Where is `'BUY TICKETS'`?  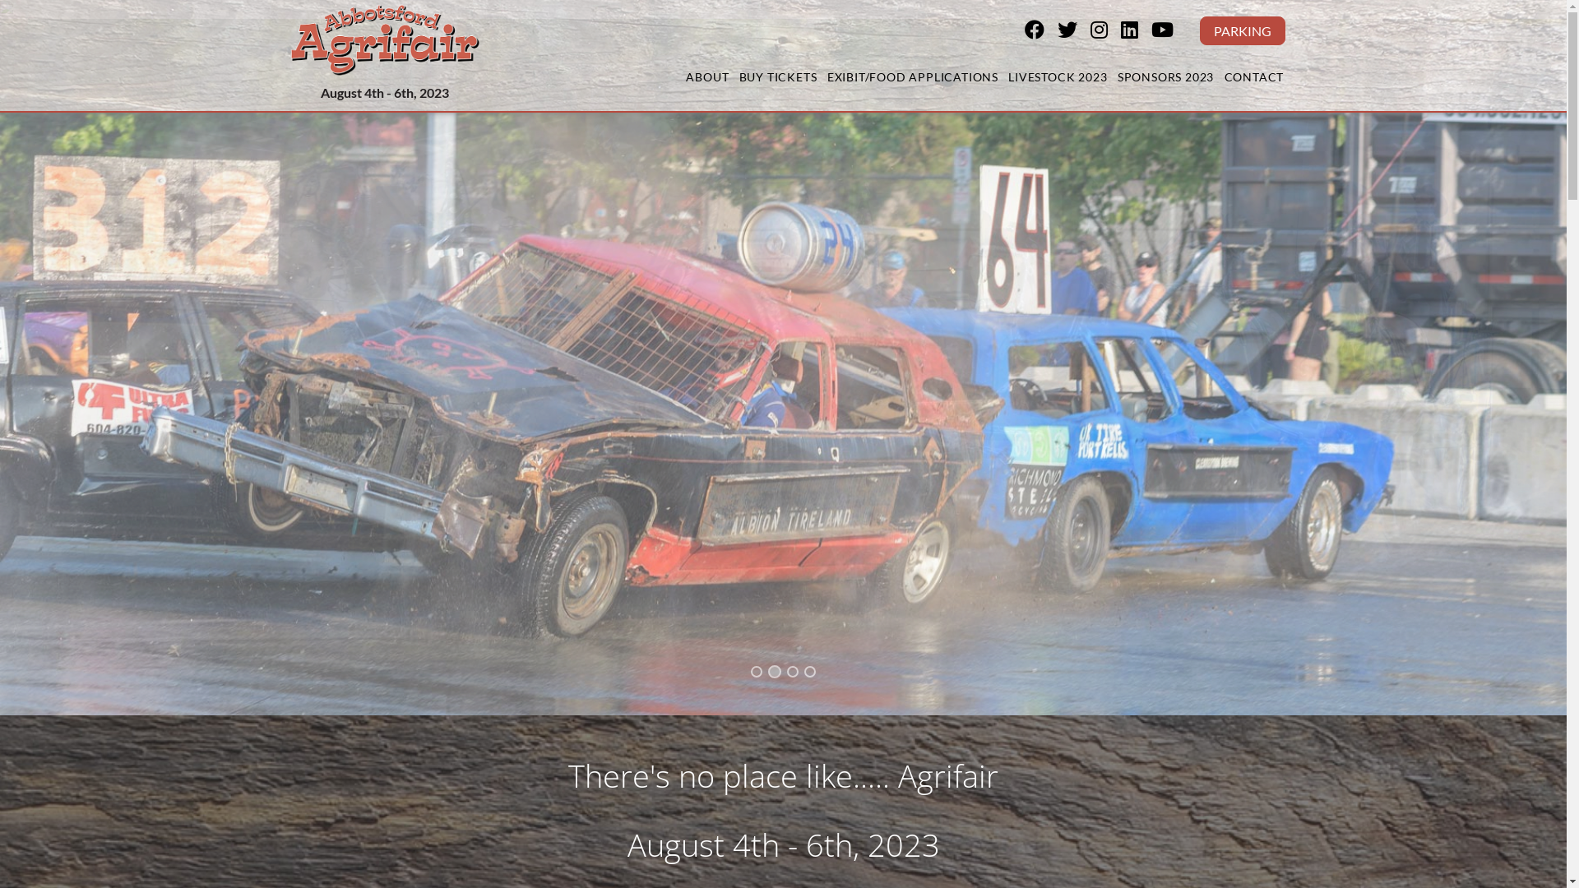 'BUY TICKETS' is located at coordinates (776, 78).